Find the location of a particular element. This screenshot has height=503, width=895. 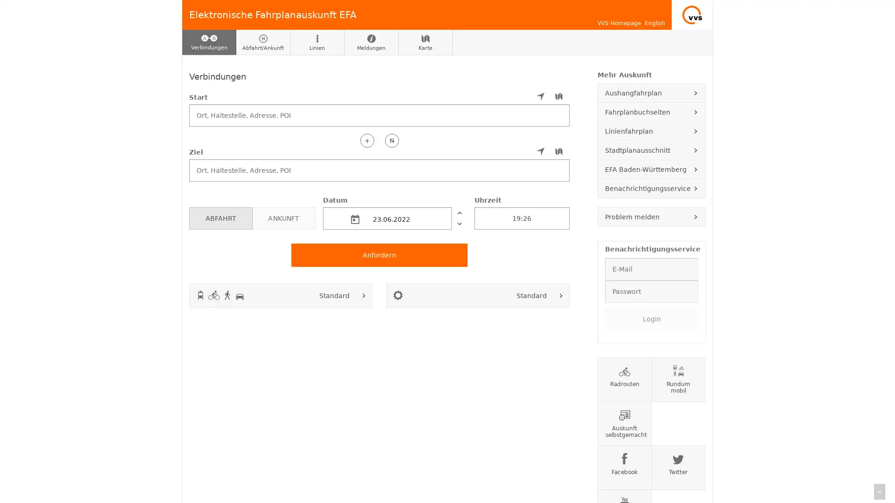

Verkehrsmittel auswahlen is located at coordinates (364, 295).